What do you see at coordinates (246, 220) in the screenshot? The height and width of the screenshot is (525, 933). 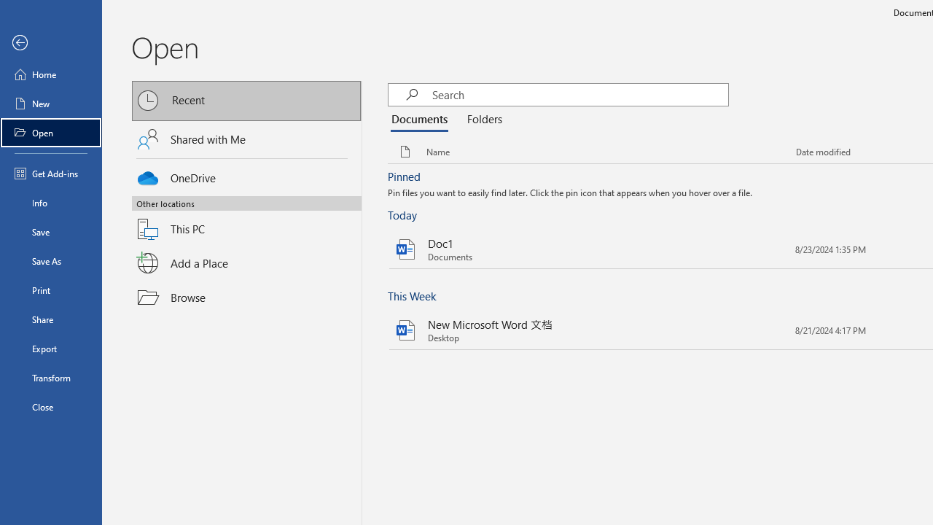 I see `'This PC'` at bounding box center [246, 220].